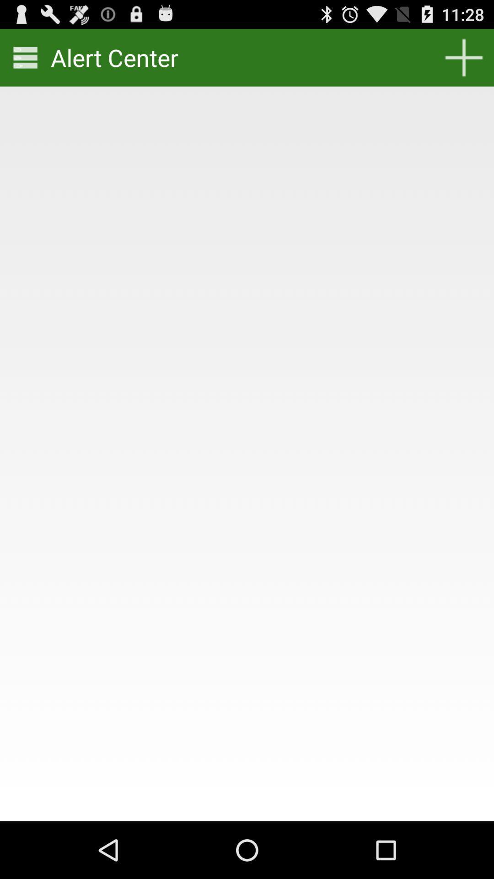 The height and width of the screenshot is (879, 494). I want to click on icon at the top right corner, so click(464, 57).